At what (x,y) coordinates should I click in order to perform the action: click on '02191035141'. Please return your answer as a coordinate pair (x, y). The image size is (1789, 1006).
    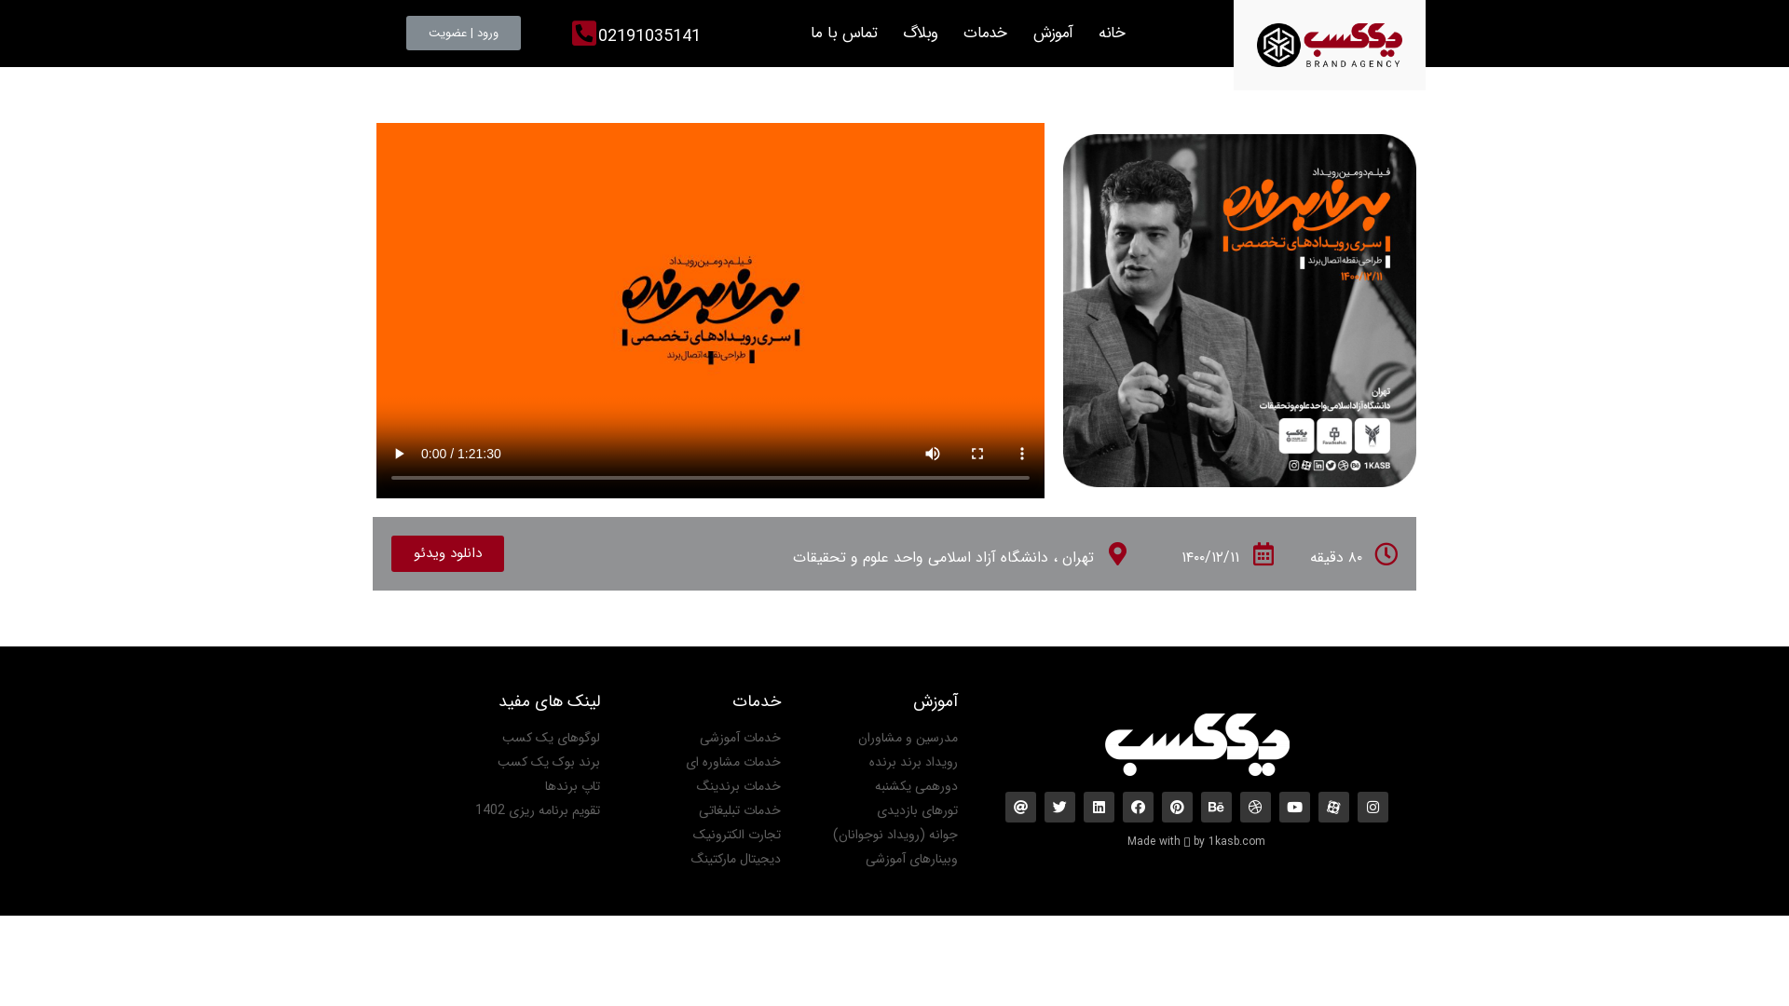
    Looking at the image, I should click on (649, 35).